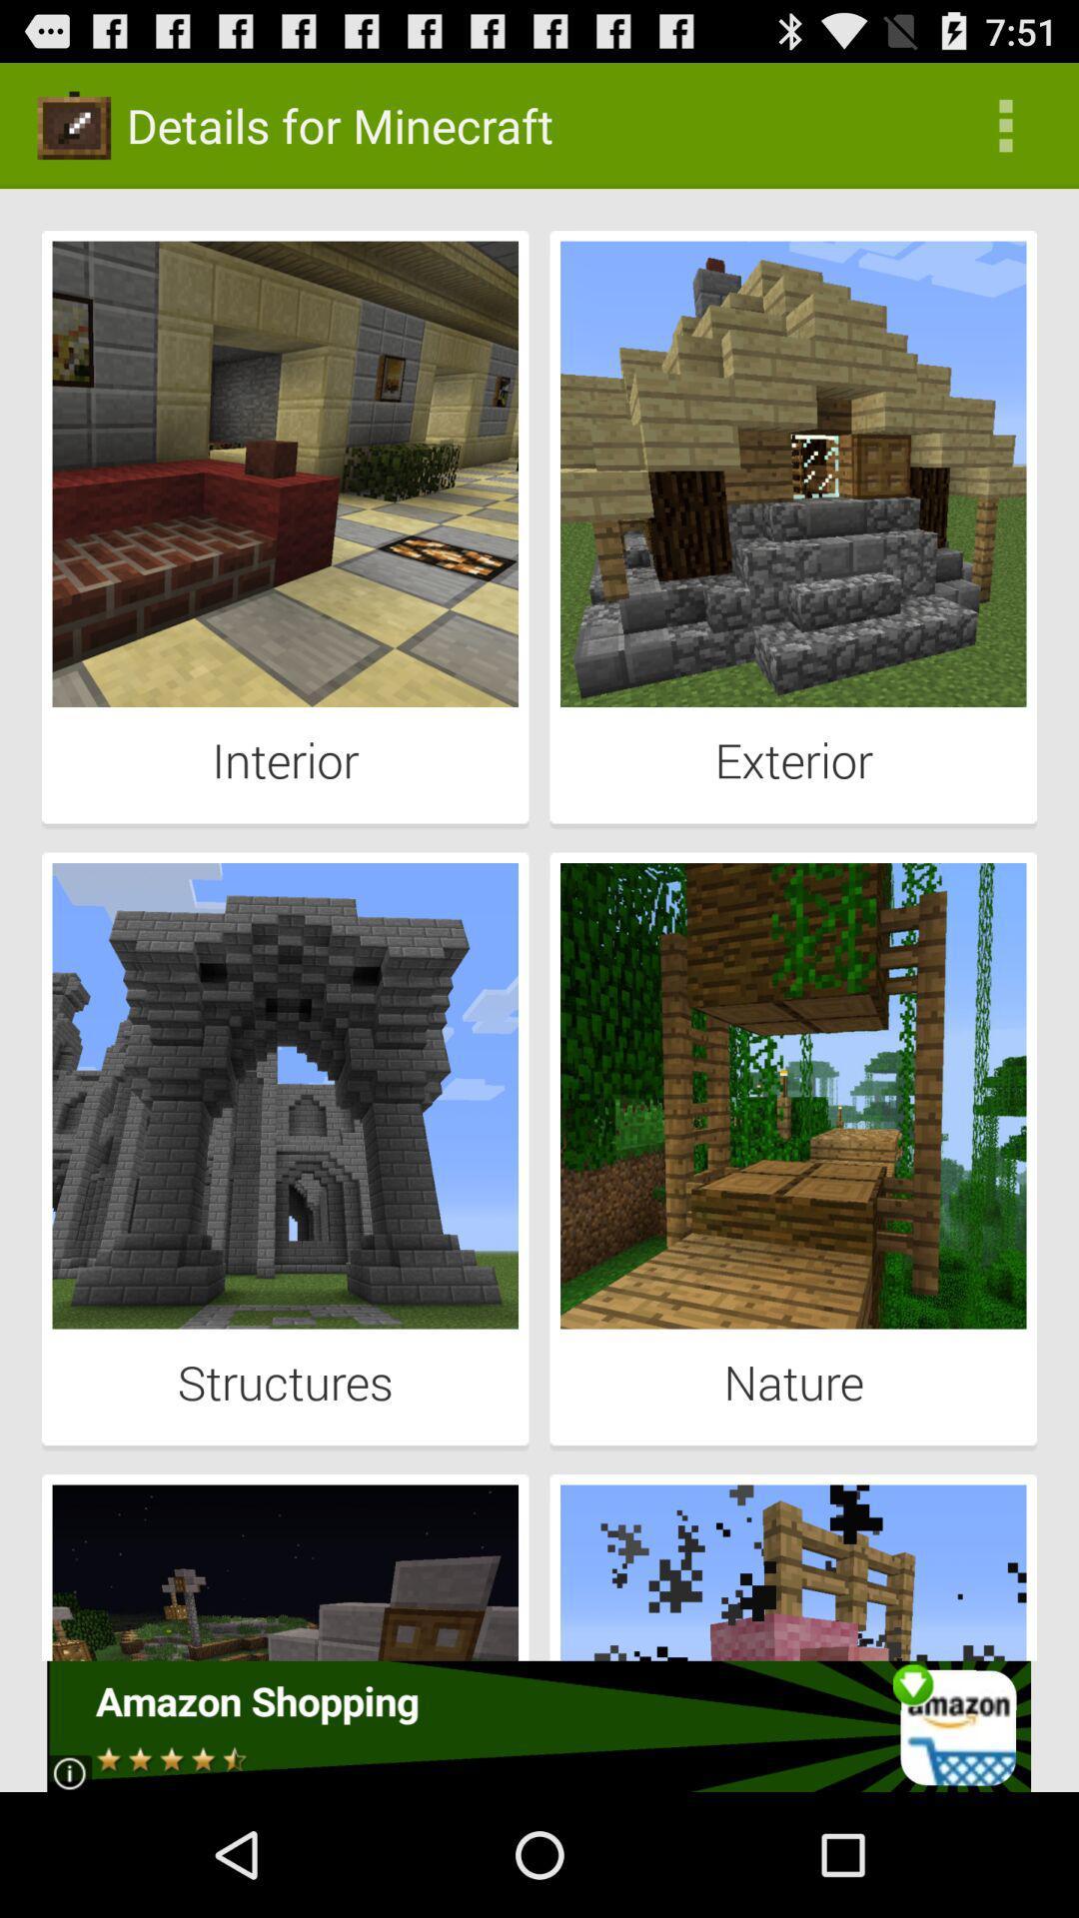 Image resolution: width=1079 pixels, height=1918 pixels. I want to click on advertisement, so click(538, 1725).